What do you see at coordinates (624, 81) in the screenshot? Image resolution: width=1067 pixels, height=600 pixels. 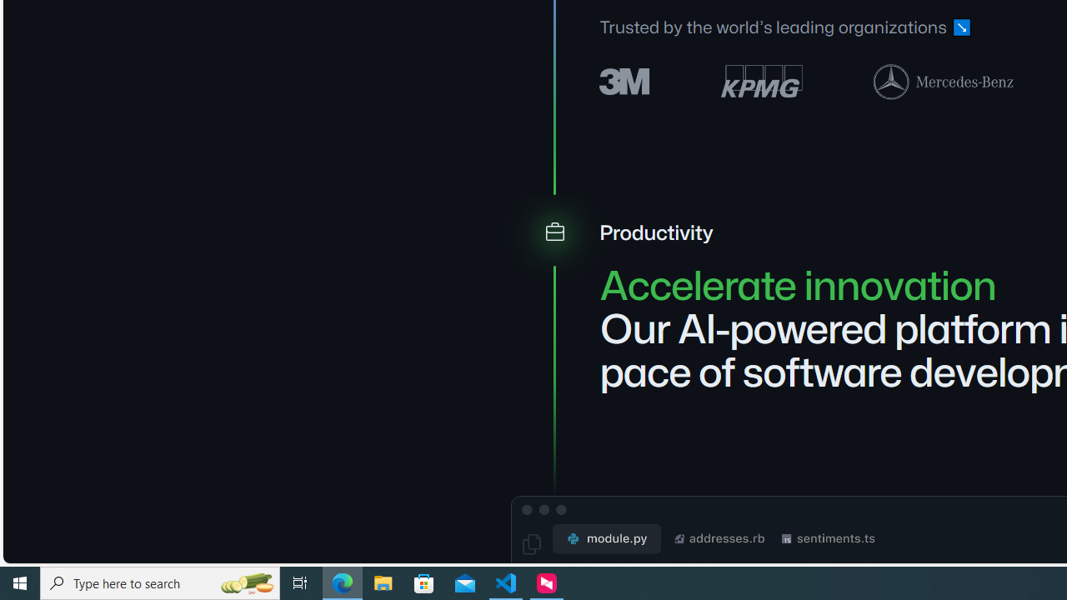 I see `'3M logo'` at bounding box center [624, 81].